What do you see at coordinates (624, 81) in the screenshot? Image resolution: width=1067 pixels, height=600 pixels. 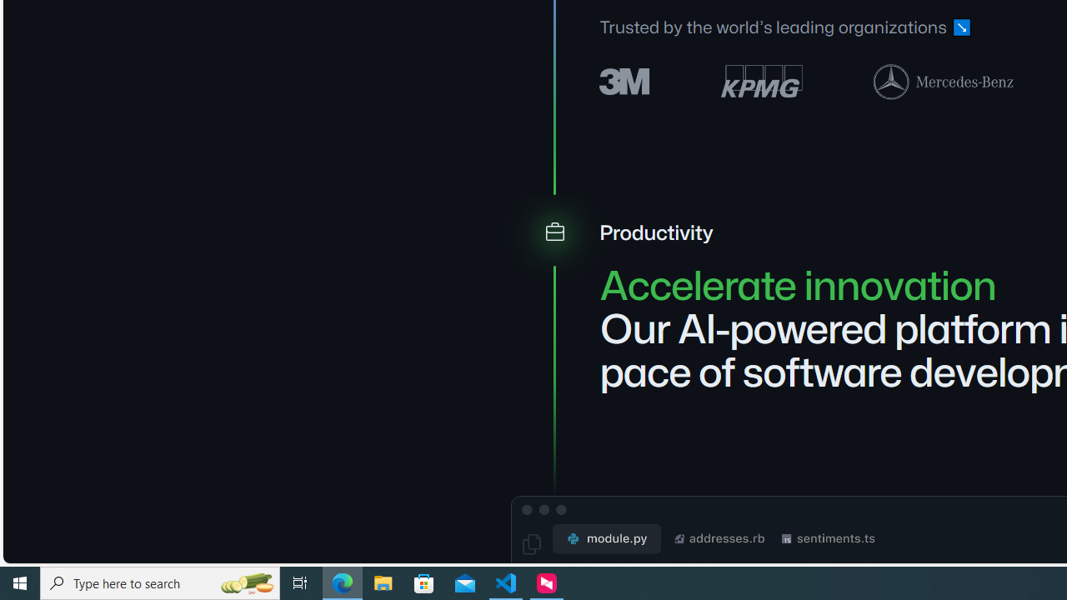 I see `'3M logo'` at bounding box center [624, 81].